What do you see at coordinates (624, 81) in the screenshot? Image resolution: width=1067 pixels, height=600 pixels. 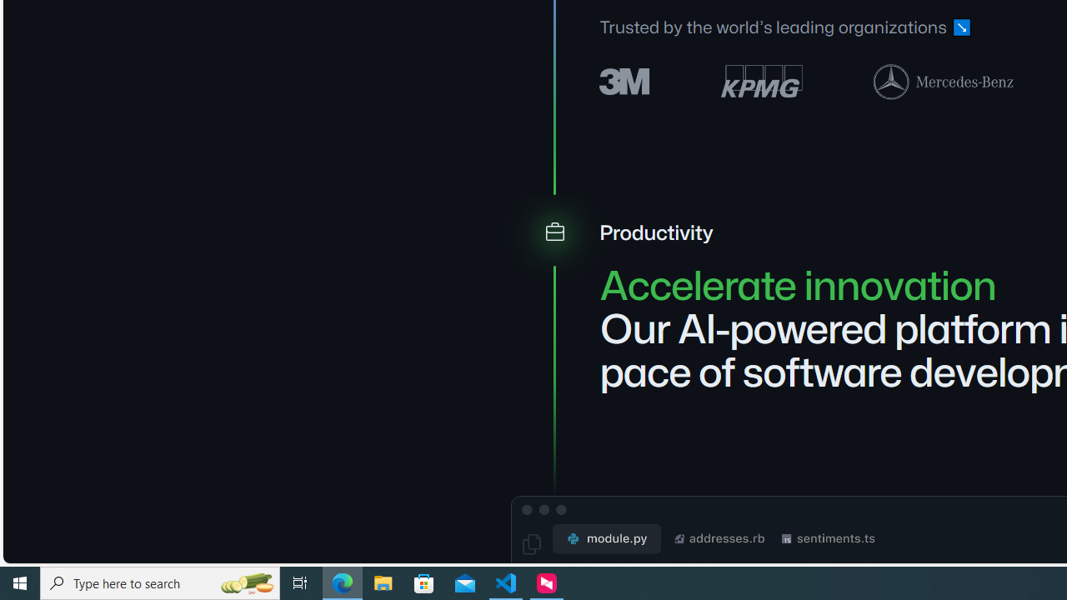 I see `'3M logo'` at bounding box center [624, 81].